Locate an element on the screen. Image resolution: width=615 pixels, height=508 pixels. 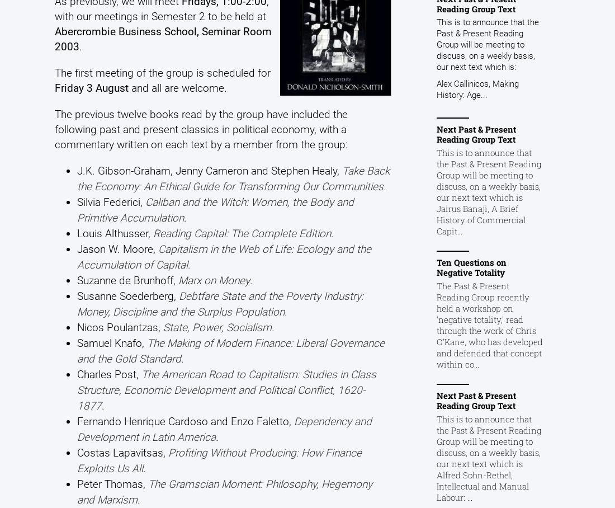
'Capitalism in the Web of Life: Ecology and the Accumulation of Capital' is located at coordinates (76, 256).